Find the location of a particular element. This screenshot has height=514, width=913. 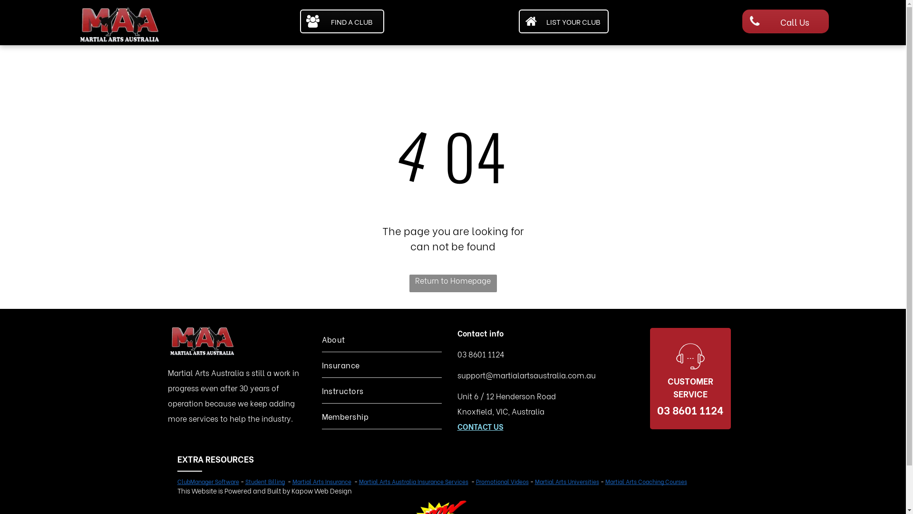

'Call Us' is located at coordinates (786, 21).